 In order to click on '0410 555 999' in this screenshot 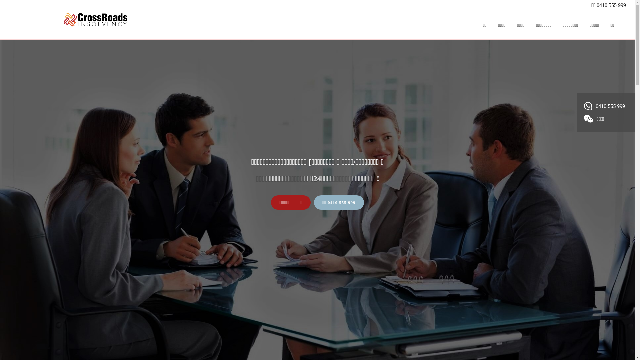, I will do `click(605, 105)`.